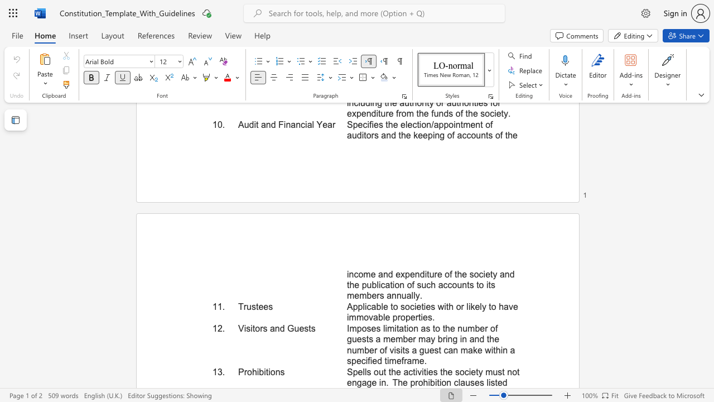 This screenshot has height=402, width=714. What do you see at coordinates (346, 317) in the screenshot?
I see `the subset text "immova" within the text "Applicable to societies with or likely to have immovable properties."` at bounding box center [346, 317].